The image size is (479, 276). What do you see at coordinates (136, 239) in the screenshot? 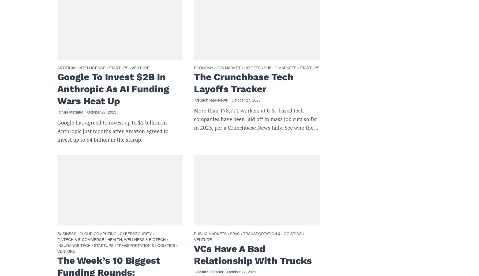
I see `'Health, Wellness & Biotech'` at bounding box center [136, 239].